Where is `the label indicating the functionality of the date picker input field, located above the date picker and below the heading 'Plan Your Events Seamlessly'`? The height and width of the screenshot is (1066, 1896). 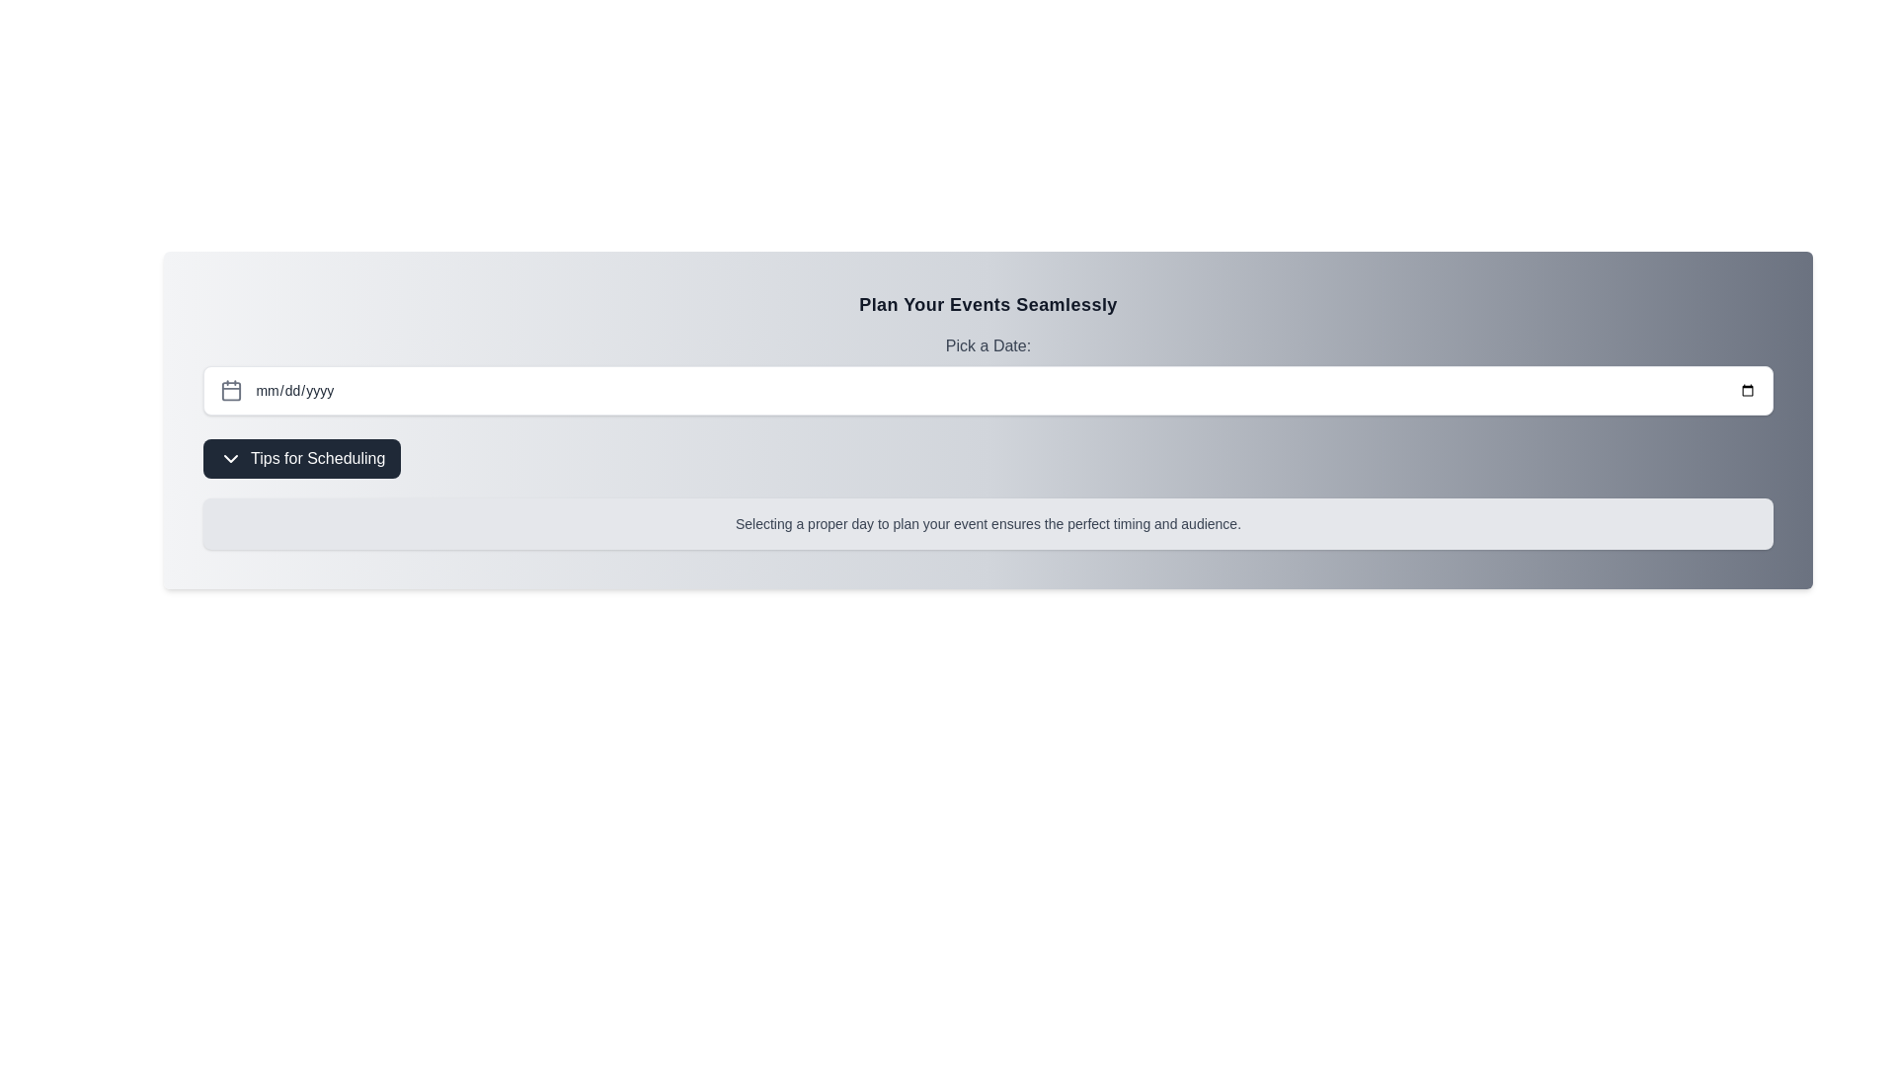
the label indicating the functionality of the date picker input field, located above the date picker and below the heading 'Plan Your Events Seamlessly' is located at coordinates (988, 375).